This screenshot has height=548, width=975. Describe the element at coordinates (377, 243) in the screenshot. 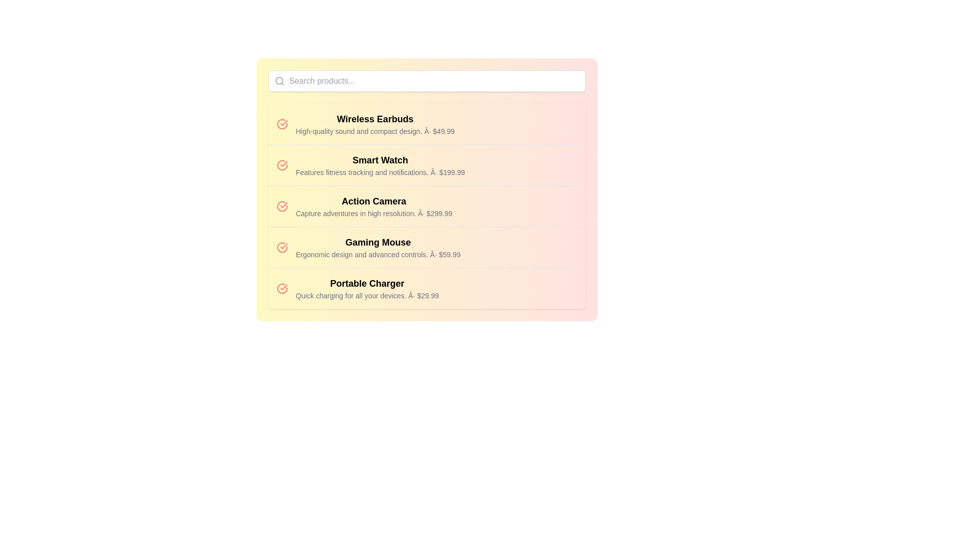

I see `the Text Label displaying 'Gaming Mouse' in the product browsing interface, which is positioned in the center-left part of the item entry` at that location.